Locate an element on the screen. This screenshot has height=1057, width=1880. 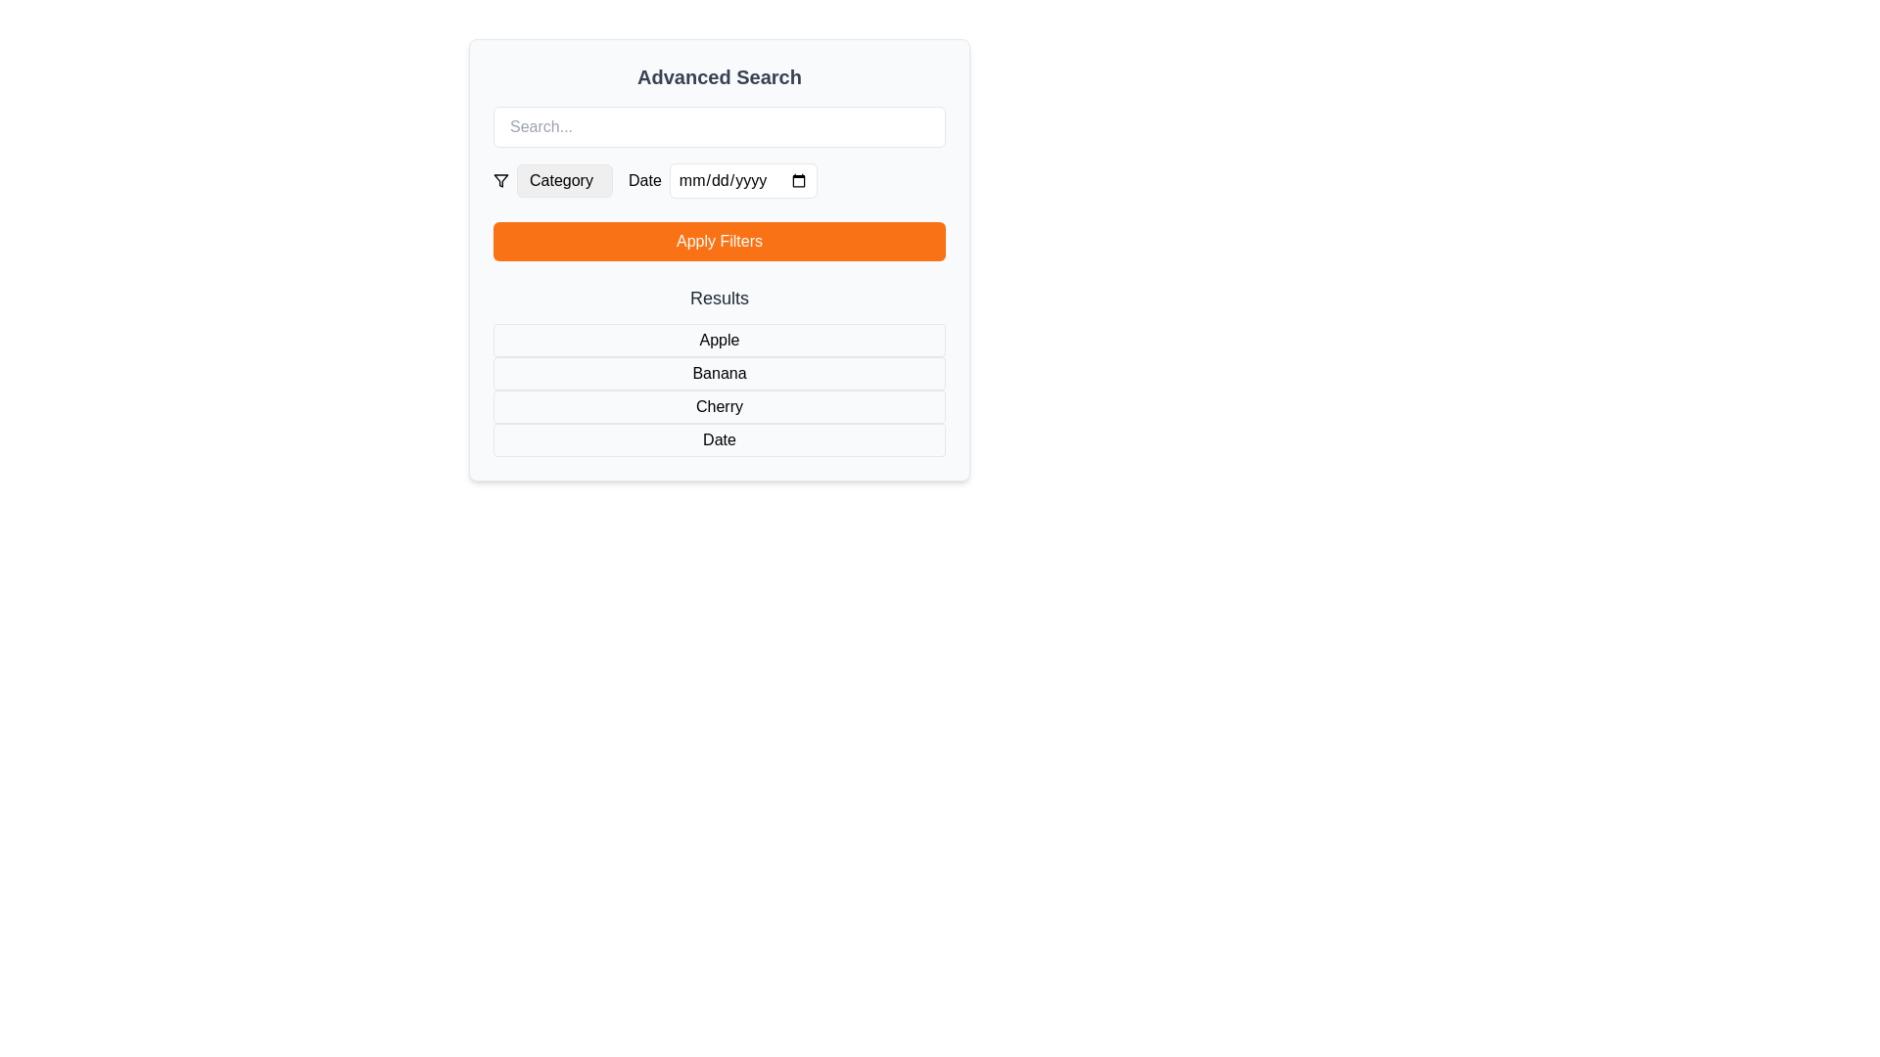
the Text Label that serves as a section heading, located near the top-center of the interface, under the 'Apply Filters' button and above the list of items is located at coordinates (718, 298).